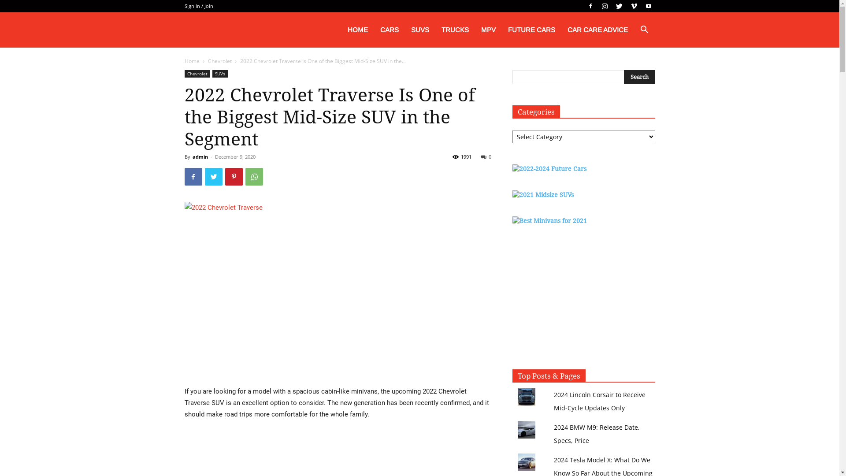  What do you see at coordinates (599, 401) in the screenshot?
I see `'2024 Lincoln Corsair to Receive Mid-Cycle Updates Only'` at bounding box center [599, 401].